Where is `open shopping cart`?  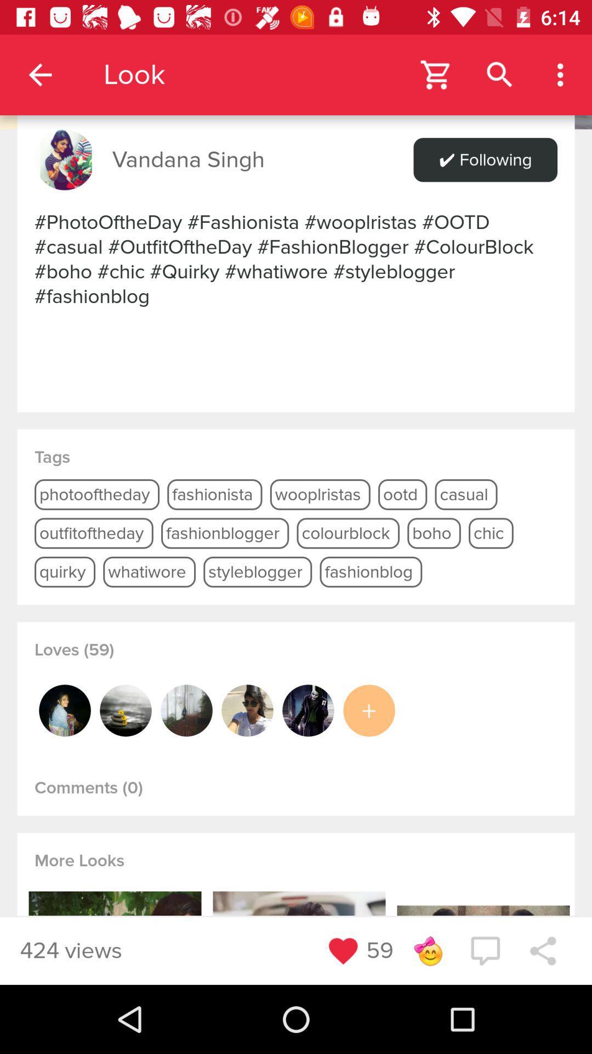 open shopping cart is located at coordinates (436, 74).